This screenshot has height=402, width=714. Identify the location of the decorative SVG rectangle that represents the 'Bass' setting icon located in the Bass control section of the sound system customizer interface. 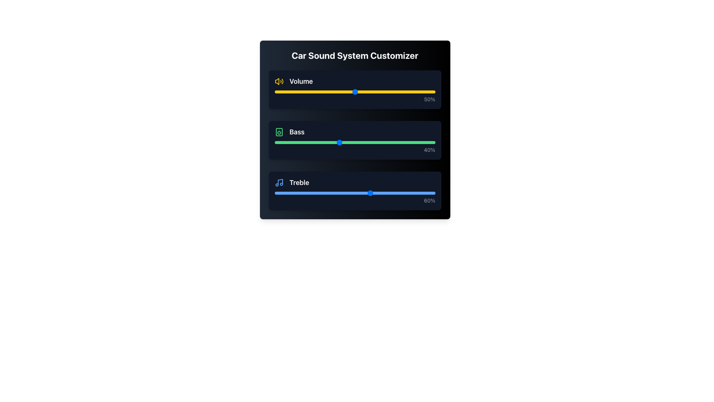
(279, 131).